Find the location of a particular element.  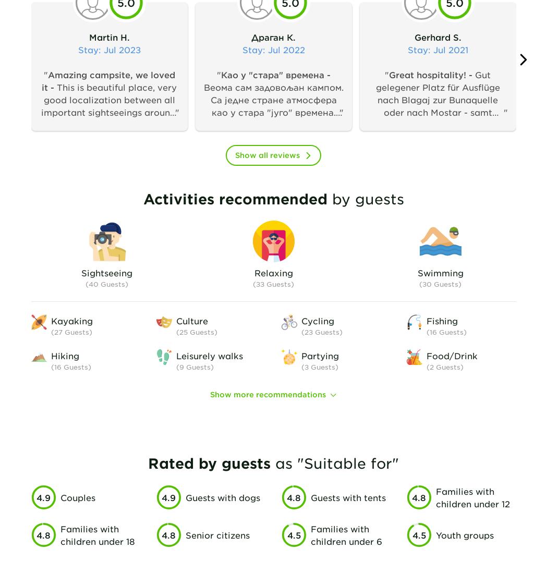

'Rated by guests' is located at coordinates (148, 463).